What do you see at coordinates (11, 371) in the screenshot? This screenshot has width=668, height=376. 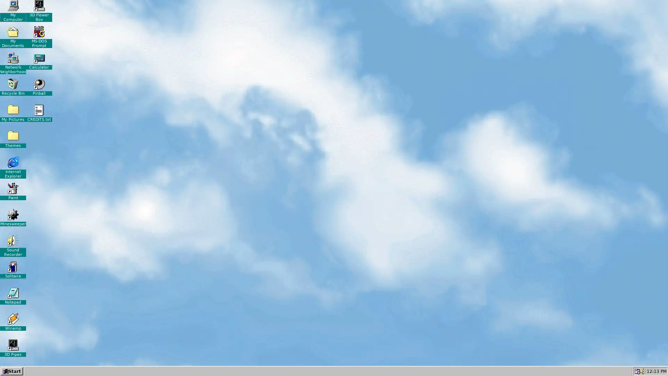 I see `Start` at bounding box center [11, 371].